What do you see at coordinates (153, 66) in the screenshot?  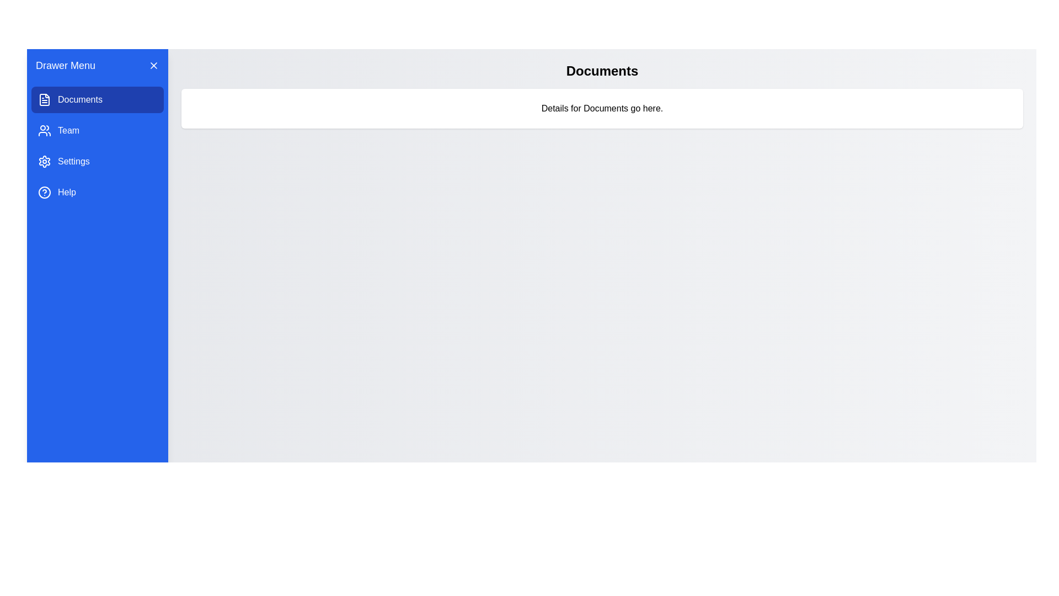 I see `the 'X' button to close the drawer` at bounding box center [153, 66].